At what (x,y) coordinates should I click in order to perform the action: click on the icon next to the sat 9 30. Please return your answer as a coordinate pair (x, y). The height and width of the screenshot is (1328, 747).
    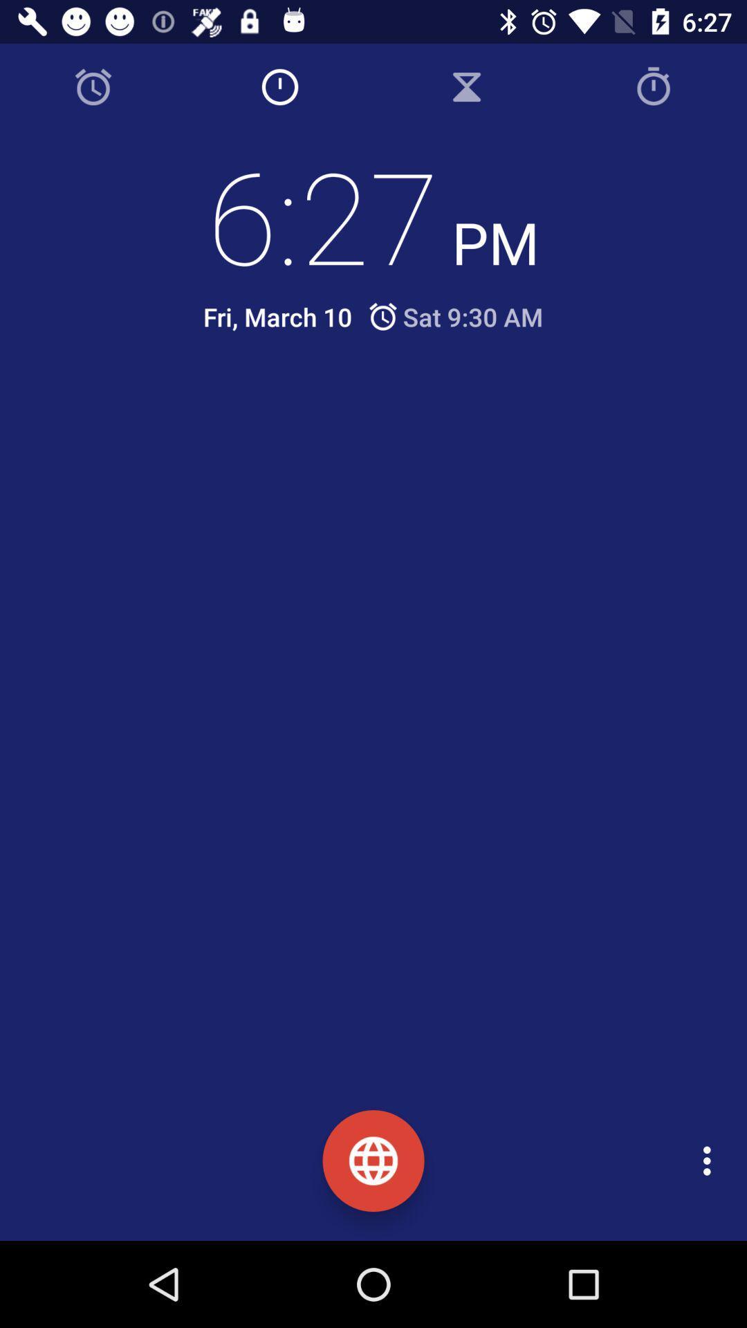
    Looking at the image, I should click on (277, 316).